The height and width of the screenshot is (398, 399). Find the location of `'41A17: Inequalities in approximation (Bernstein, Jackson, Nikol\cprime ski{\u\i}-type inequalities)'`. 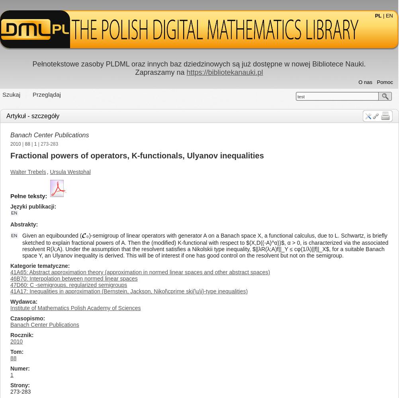

'41A17: Inequalities in approximation (Bernstein, Jackson, Nikol\cprime ski{\u\i}-type inequalities)' is located at coordinates (129, 291).